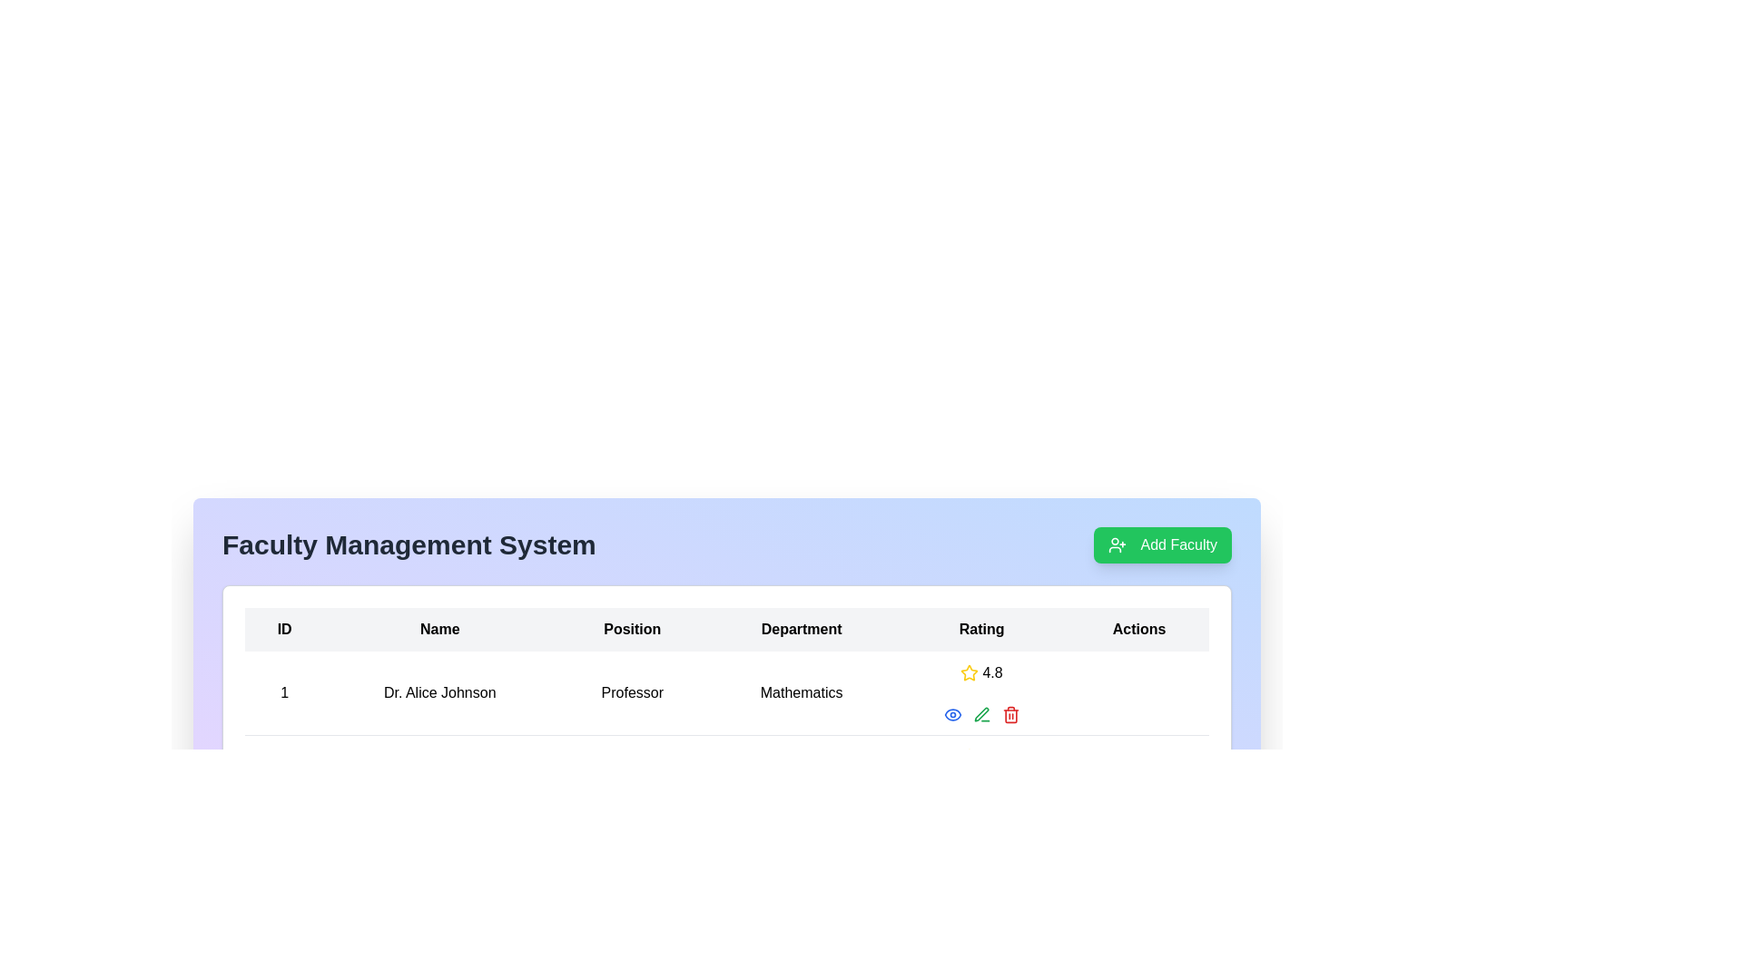 The width and height of the screenshot is (1743, 980). What do you see at coordinates (283, 693) in the screenshot?
I see `the static text display element that identifies the faculty member in the first column of the table under the heading 'ID'` at bounding box center [283, 693].